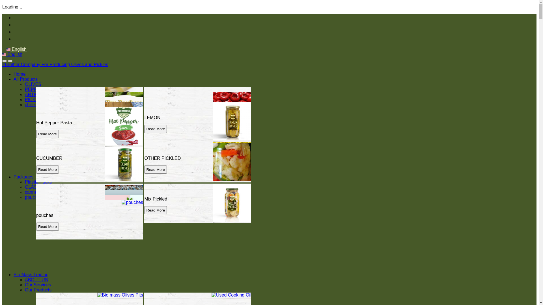 The height and width of the screenshot is (305, 543). Describe the element at coordinates (38, 94) in the screenshot. I see `'ARTICHOKE'` at that location.